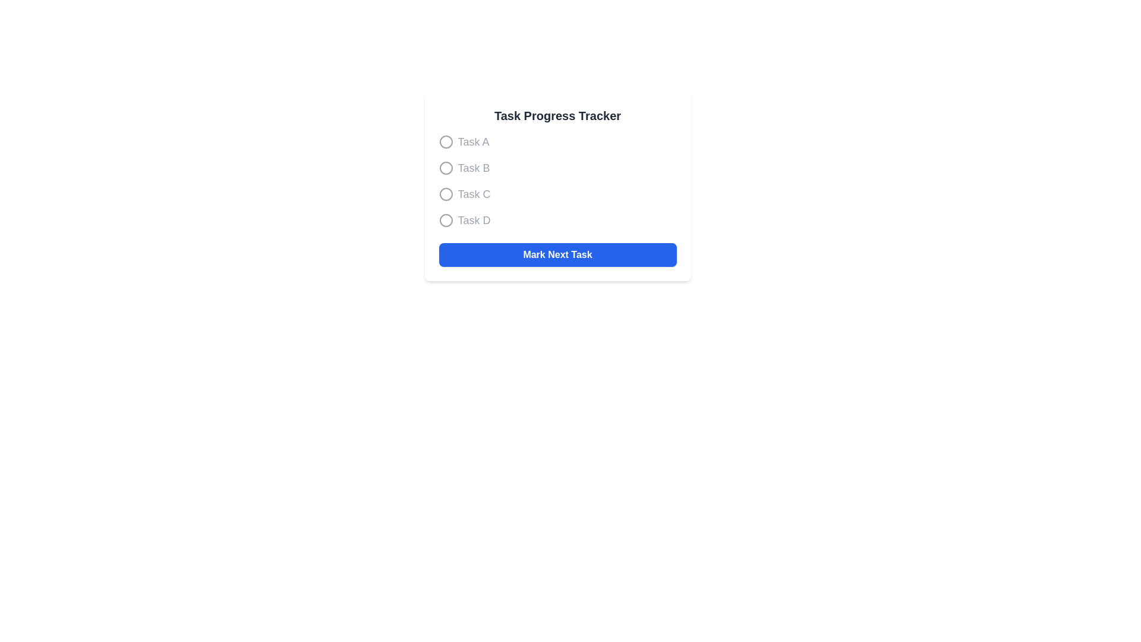 The height and width of the screenshot is (642, 1141). What do you see at coordinates (445, 141) in the screenshot?
I see `the circular radio button adjacent to the text 'Task A'` at bounding box center [445, 141].